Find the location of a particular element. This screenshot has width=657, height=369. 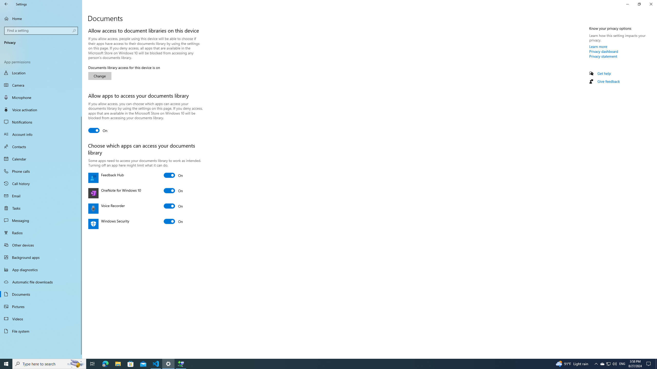

'Allow apps to access your documents library' is located at coordinates (98, 130).